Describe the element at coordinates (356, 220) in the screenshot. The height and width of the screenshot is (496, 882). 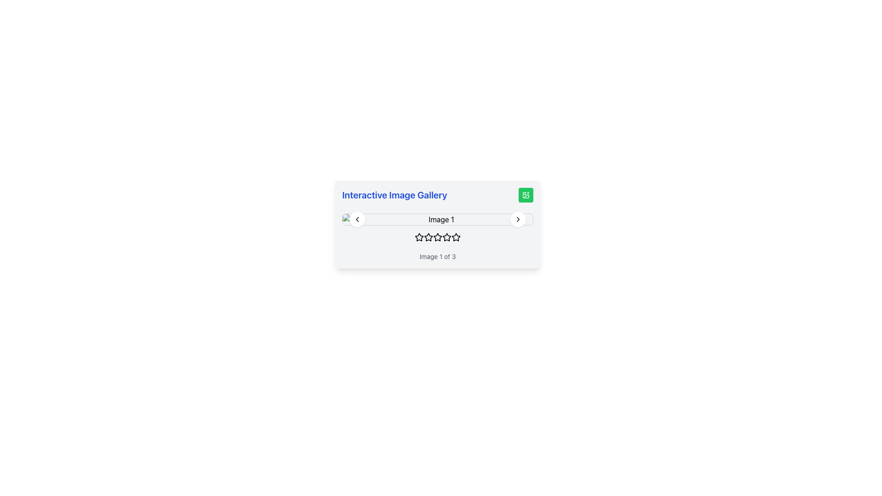
I see `the leftward-pointing chevron icon located within a circular button on the left side of the horizontal navigation bar below the title 'Interactive Image Gallery'` at that location.